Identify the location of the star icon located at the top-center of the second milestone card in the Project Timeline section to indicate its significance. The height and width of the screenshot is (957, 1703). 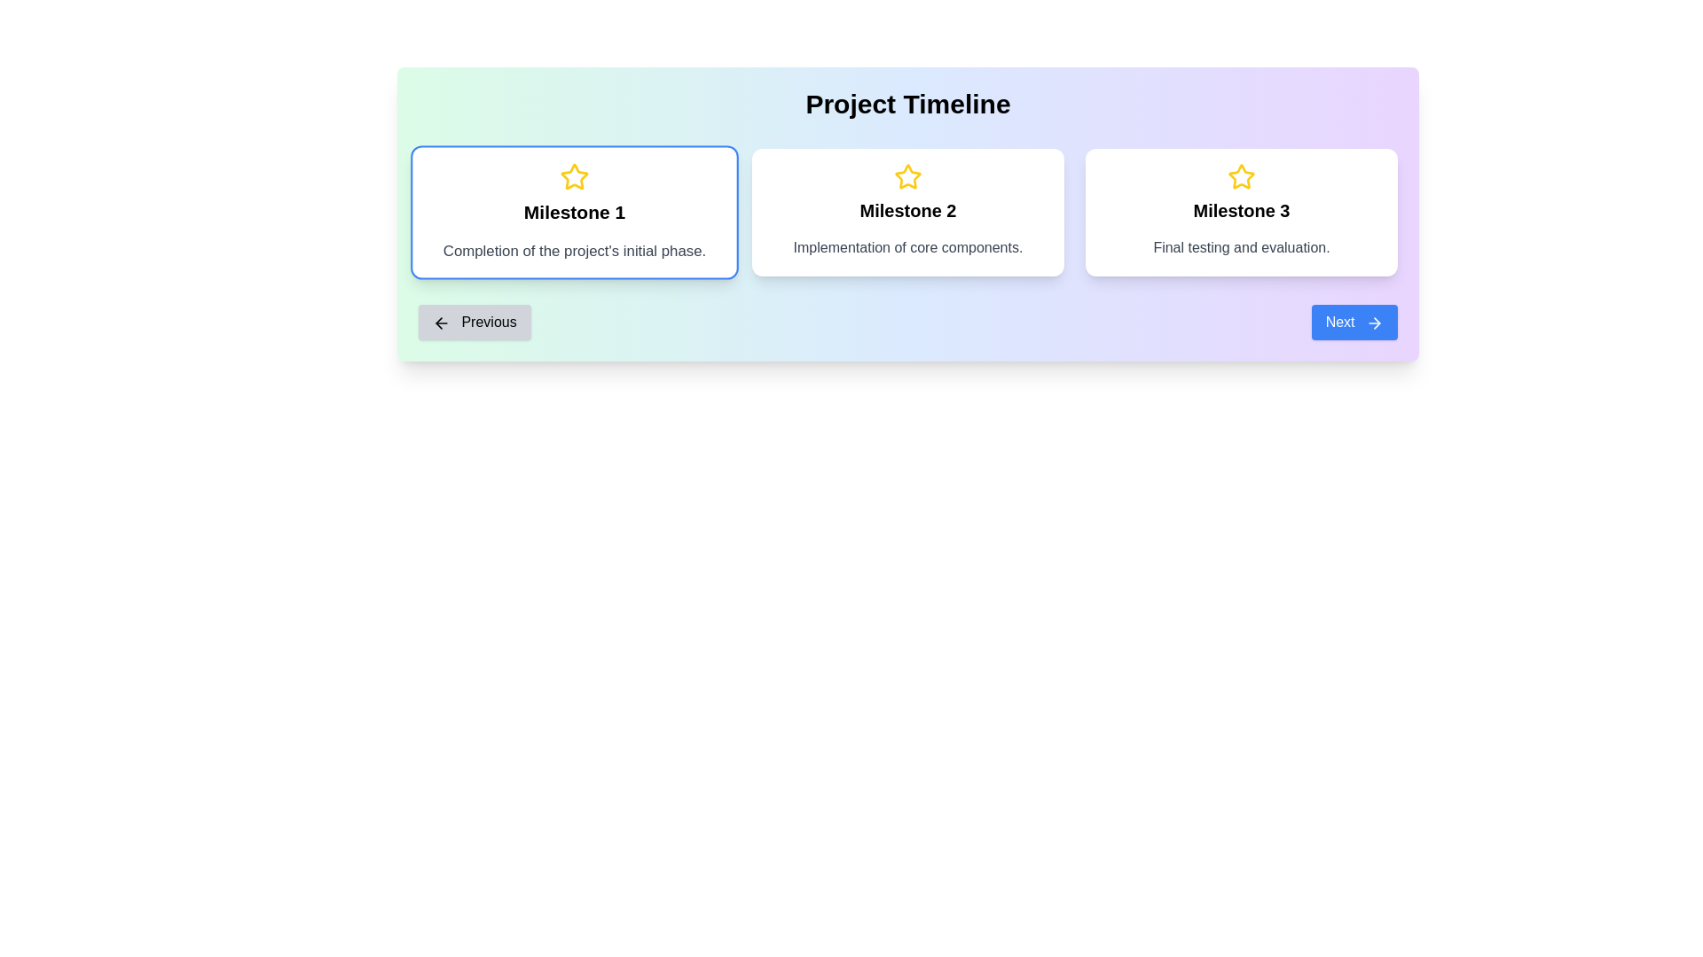
(907, 177).